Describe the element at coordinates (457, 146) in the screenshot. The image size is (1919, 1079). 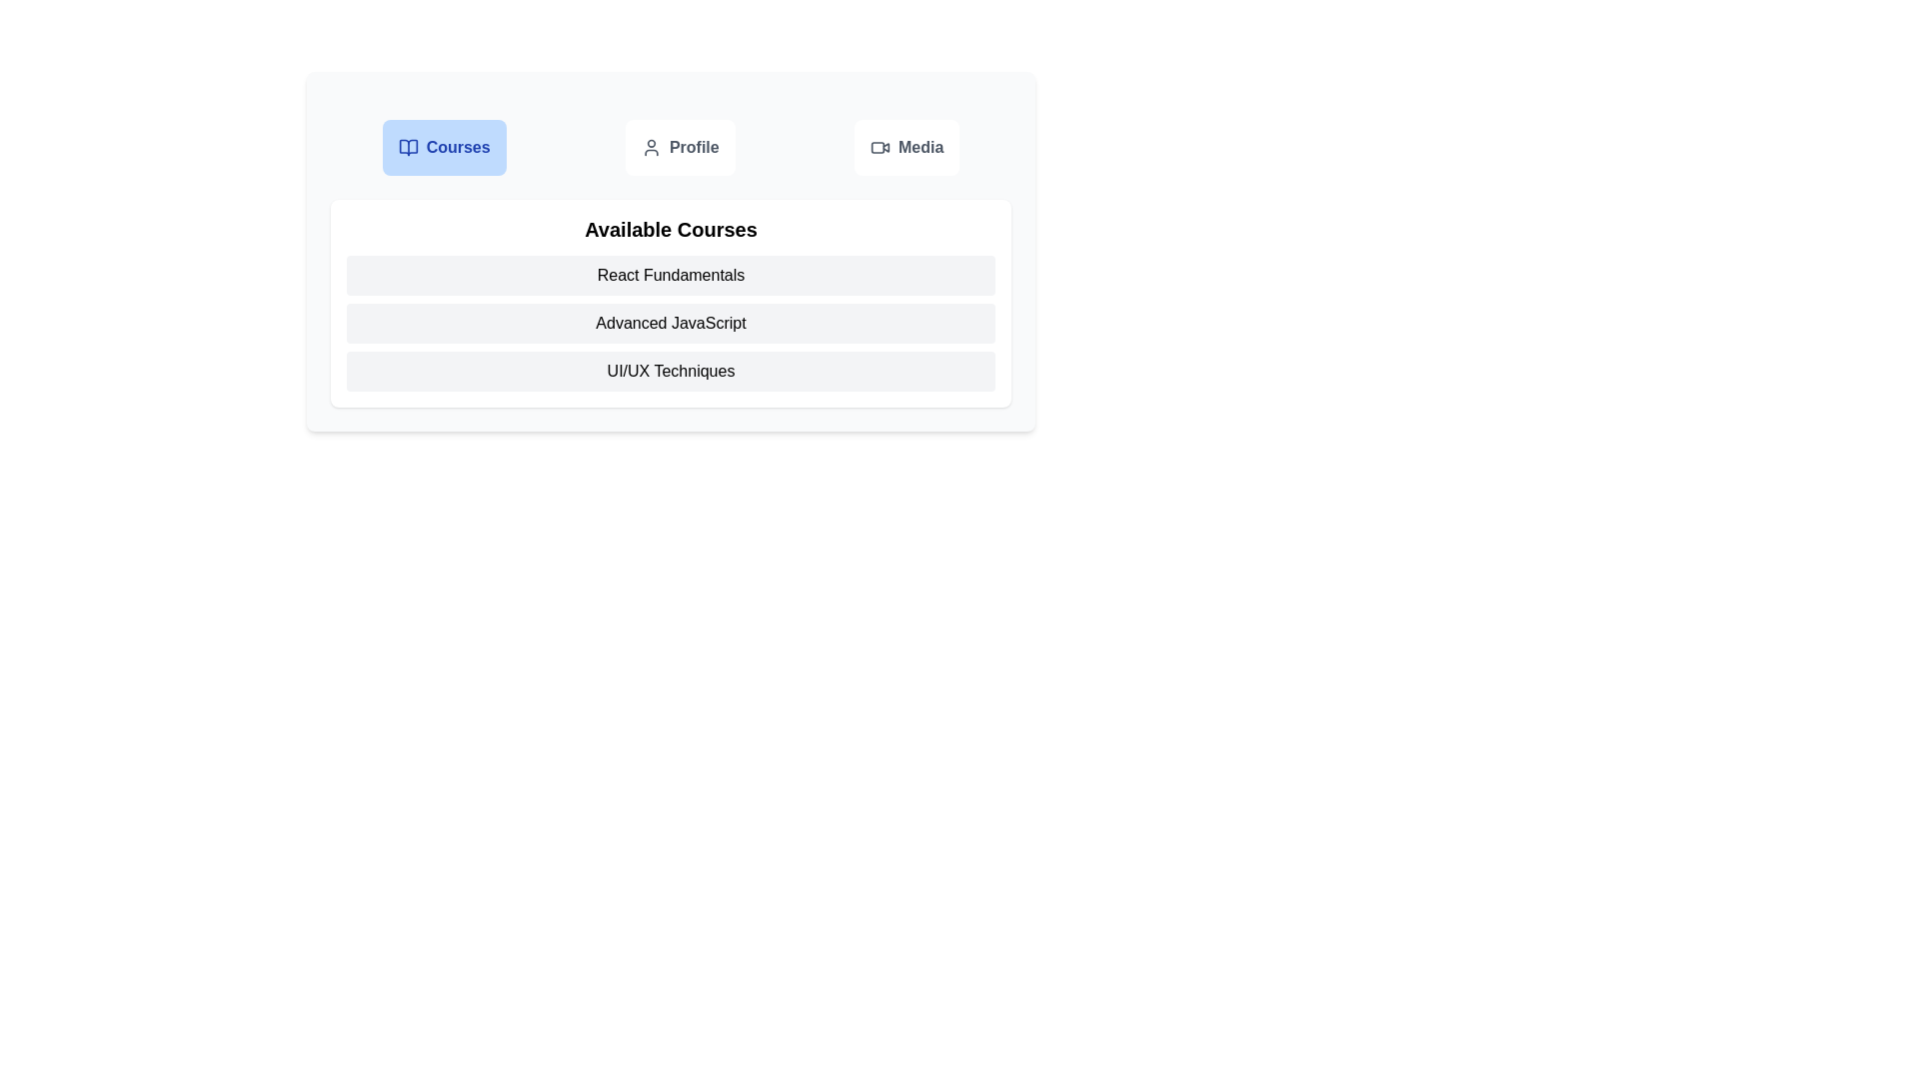
I see `the 'Courses' label, which is displayed in bold font on a light blue background and is positioned next to an open book icon` at that location.